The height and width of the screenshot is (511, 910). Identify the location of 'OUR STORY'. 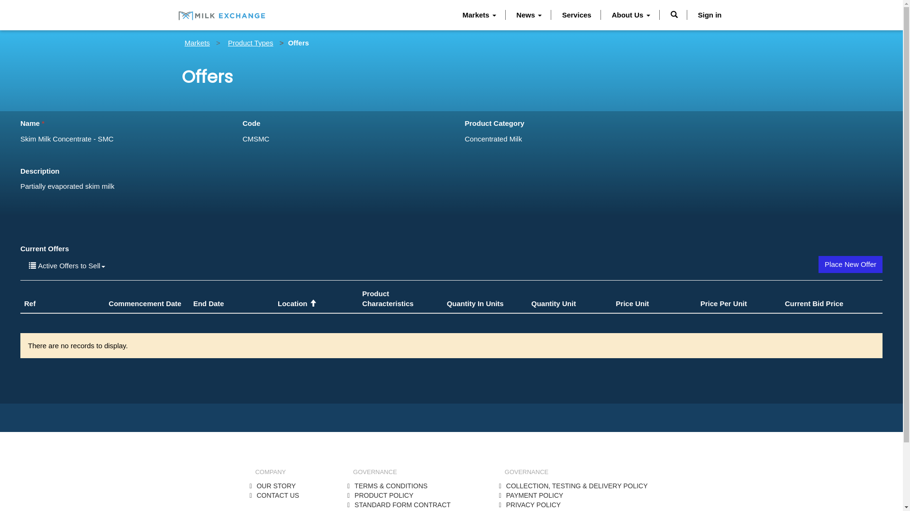
(275, 485).